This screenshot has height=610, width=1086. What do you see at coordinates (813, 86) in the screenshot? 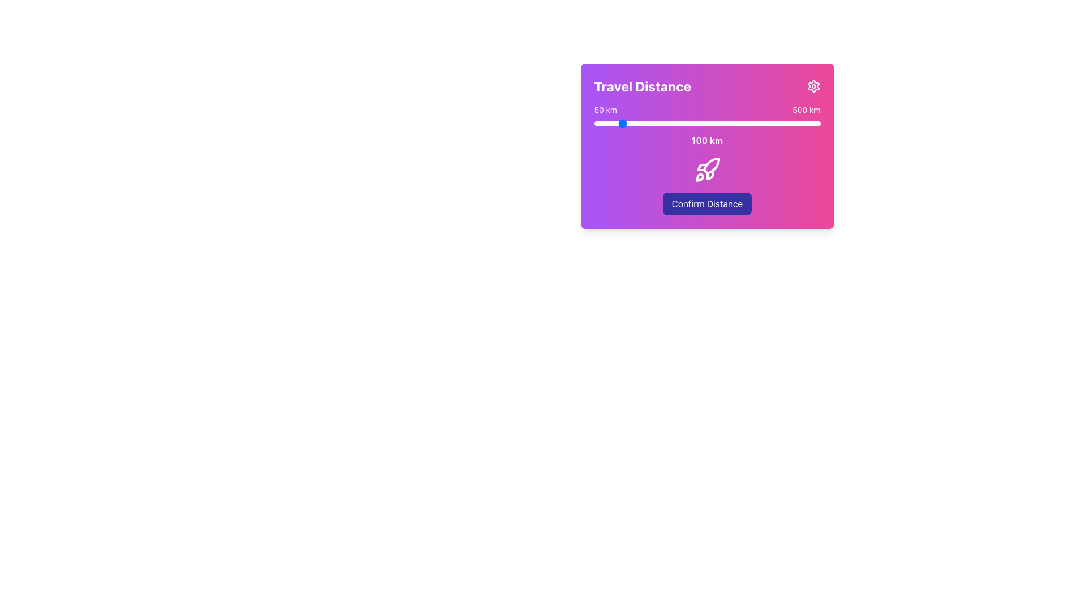
I see `the settings icon button located at the top-right corner of the 'Travel Distance' card` at bounding box center [813, 86].